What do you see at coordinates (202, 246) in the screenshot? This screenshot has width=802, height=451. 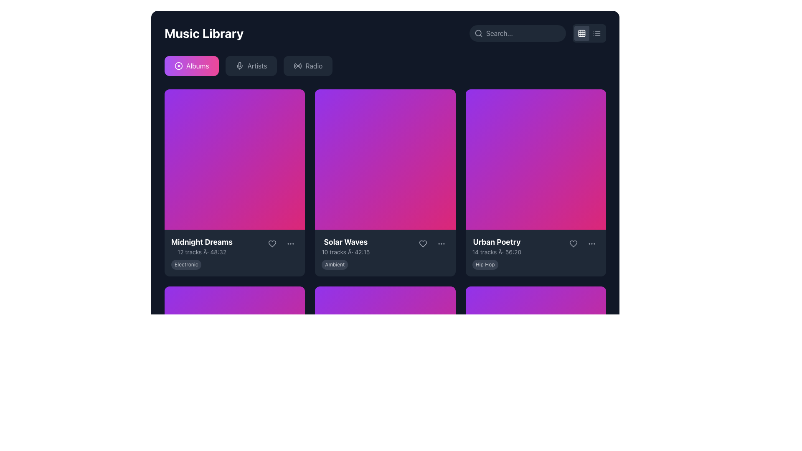 I see `contents of the text display showing 'Midnight Dreams' and '12 tracks Â· 48:32' located in the first cell of the top row in a dark-themed interface` at bounding box center [202, 246].